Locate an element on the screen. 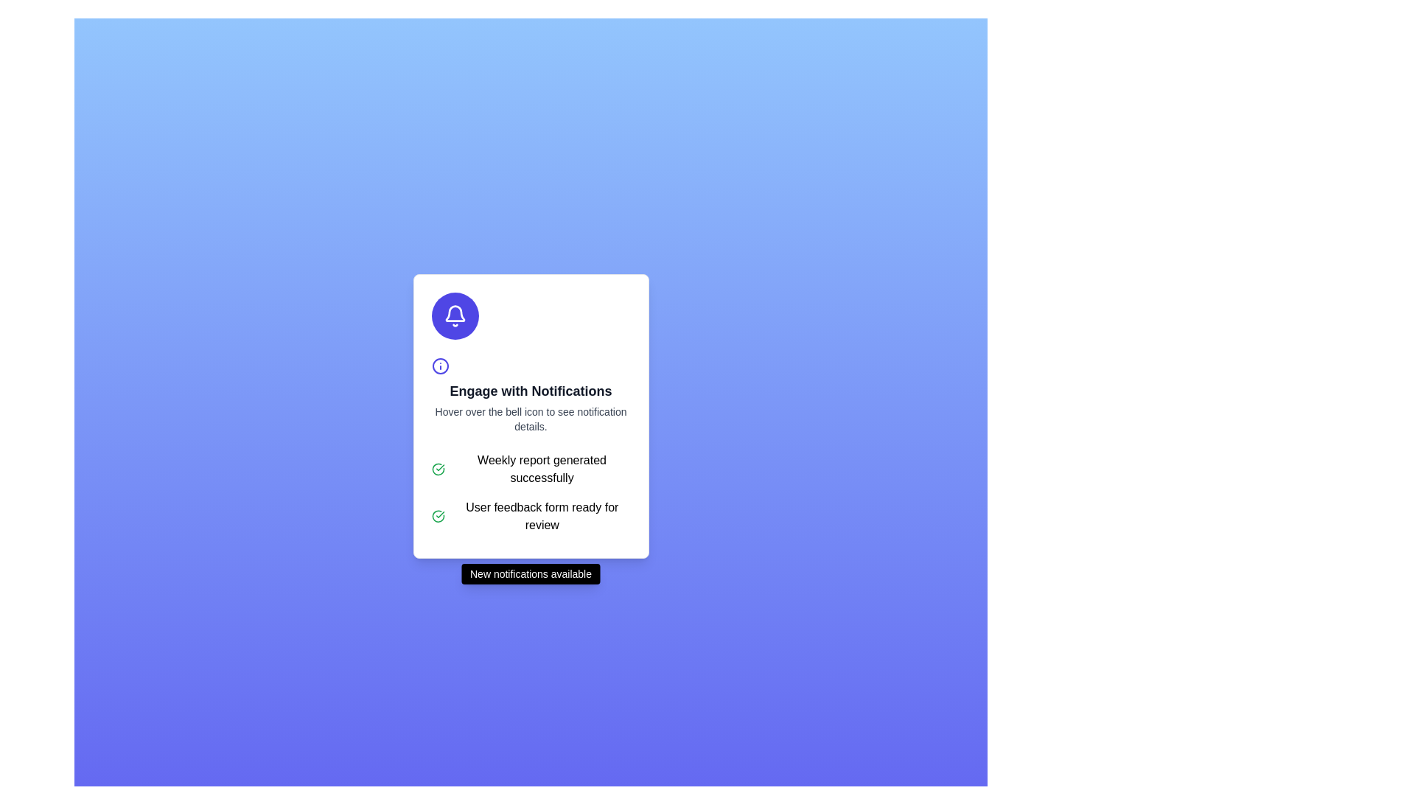 The image size is (1415, 796). message 'User feedback form ready for review' displayed in black text with a green checkmark icon to its left, which is the second notification in a list of two items is located at coordinates (531, 516).